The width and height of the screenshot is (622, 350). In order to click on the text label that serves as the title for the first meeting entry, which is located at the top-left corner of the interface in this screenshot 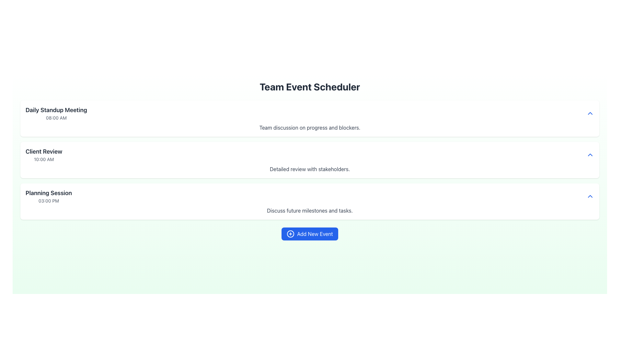, I will do `click(56, 110)`.